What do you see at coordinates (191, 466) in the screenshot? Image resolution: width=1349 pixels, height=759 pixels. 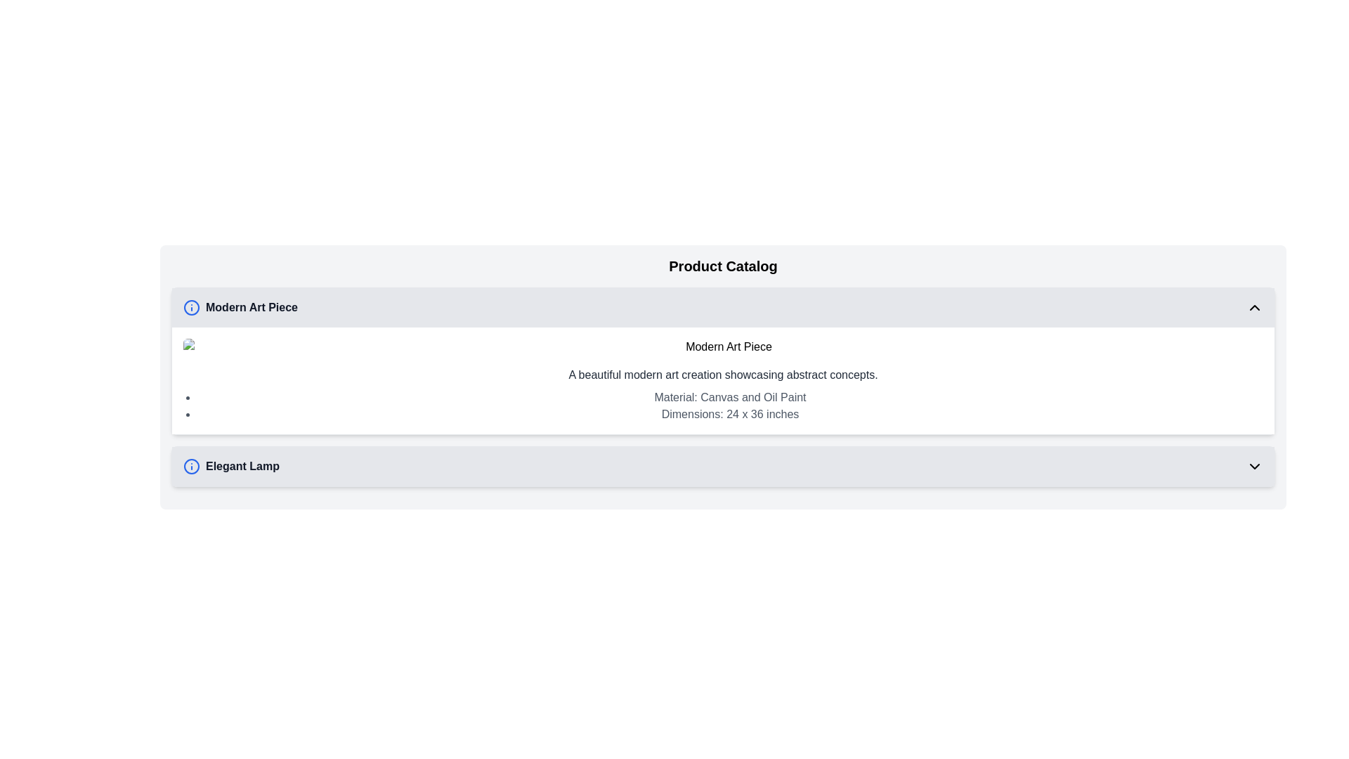 I see `the circular blue information icon located to the left of the text 'Elegant Lamp' for accessibility utilities` at bounding box center [191, 466].